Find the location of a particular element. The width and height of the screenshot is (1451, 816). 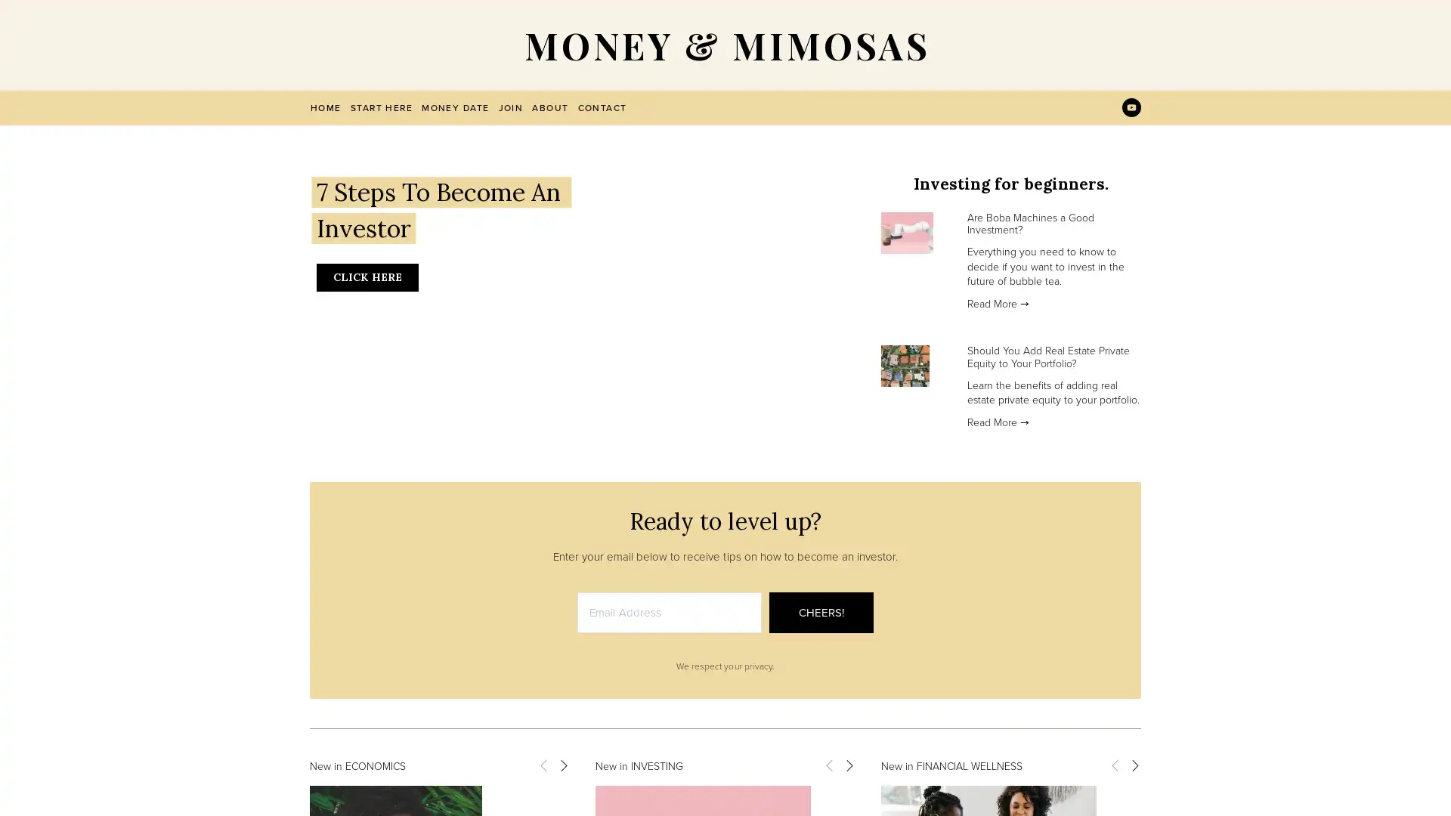

Next is located at coordinates (1134, 764).